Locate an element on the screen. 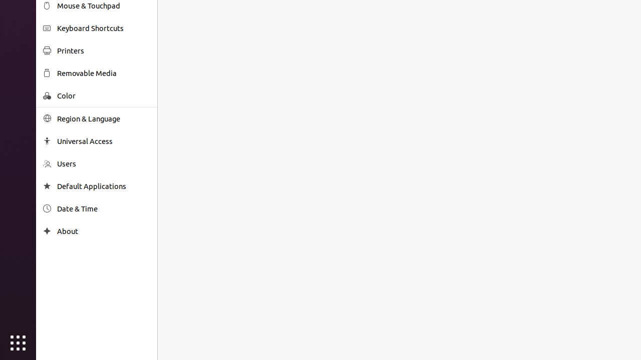  'Users' is located at coordinates (103, 163).